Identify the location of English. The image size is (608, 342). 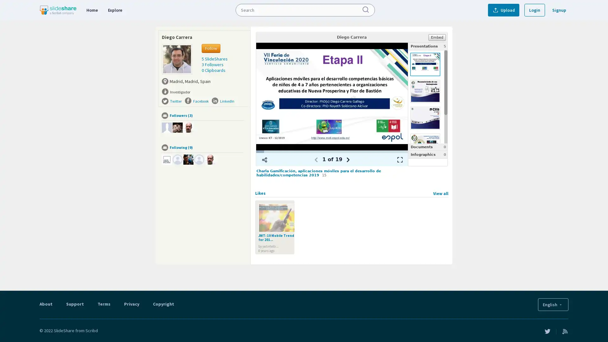
(553, 304).